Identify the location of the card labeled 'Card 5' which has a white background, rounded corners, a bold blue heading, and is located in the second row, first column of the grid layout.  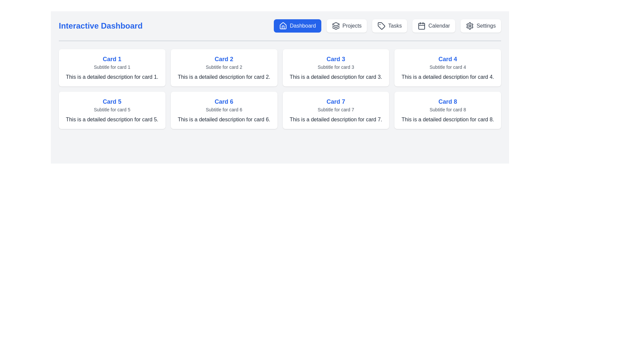
(112, 110).